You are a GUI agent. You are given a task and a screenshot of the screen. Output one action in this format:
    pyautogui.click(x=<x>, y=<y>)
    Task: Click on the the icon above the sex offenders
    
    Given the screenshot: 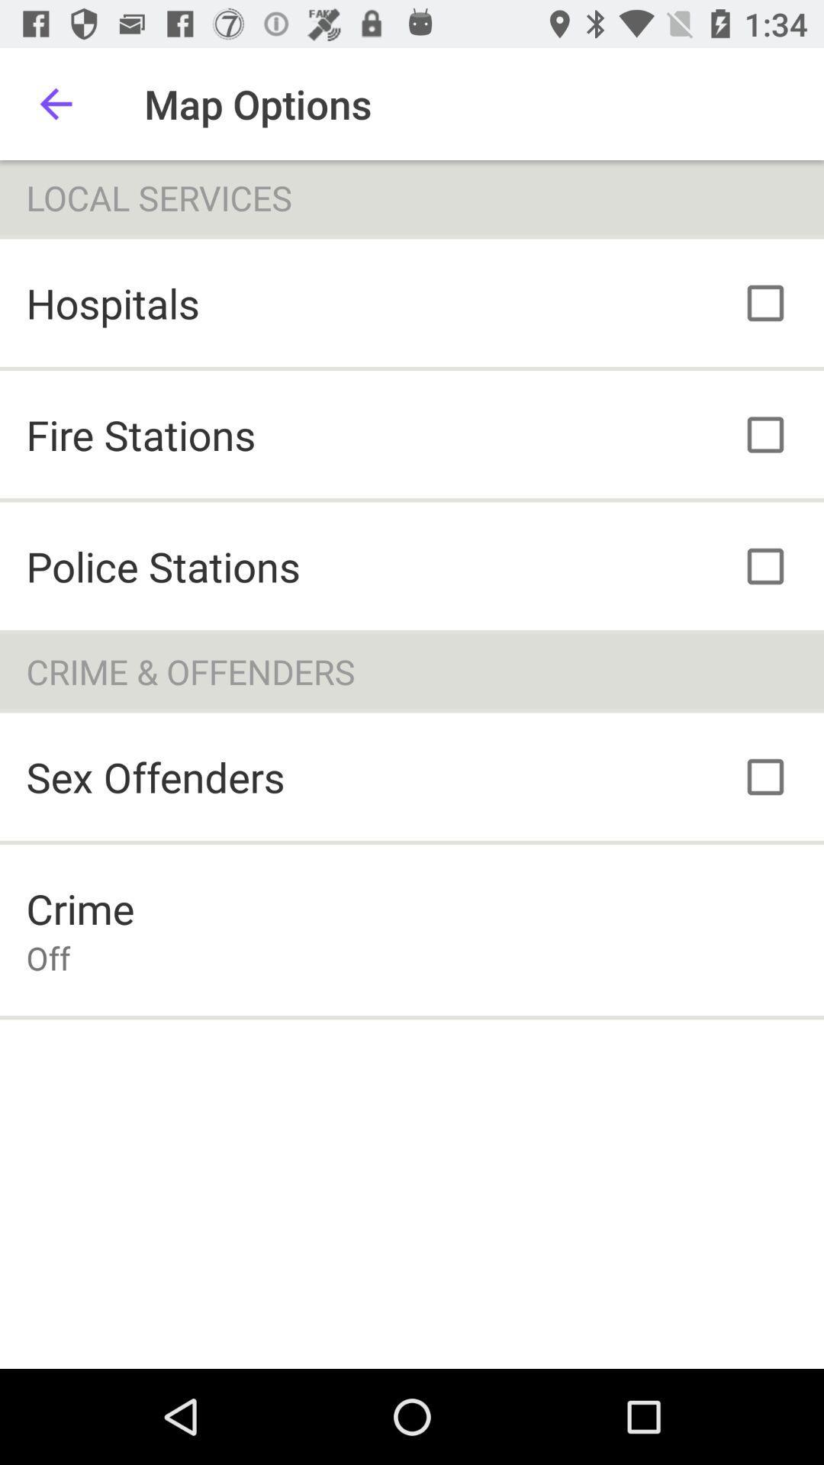 What is the action you would take?
    pyautogui.click(x=412, y=671)
    